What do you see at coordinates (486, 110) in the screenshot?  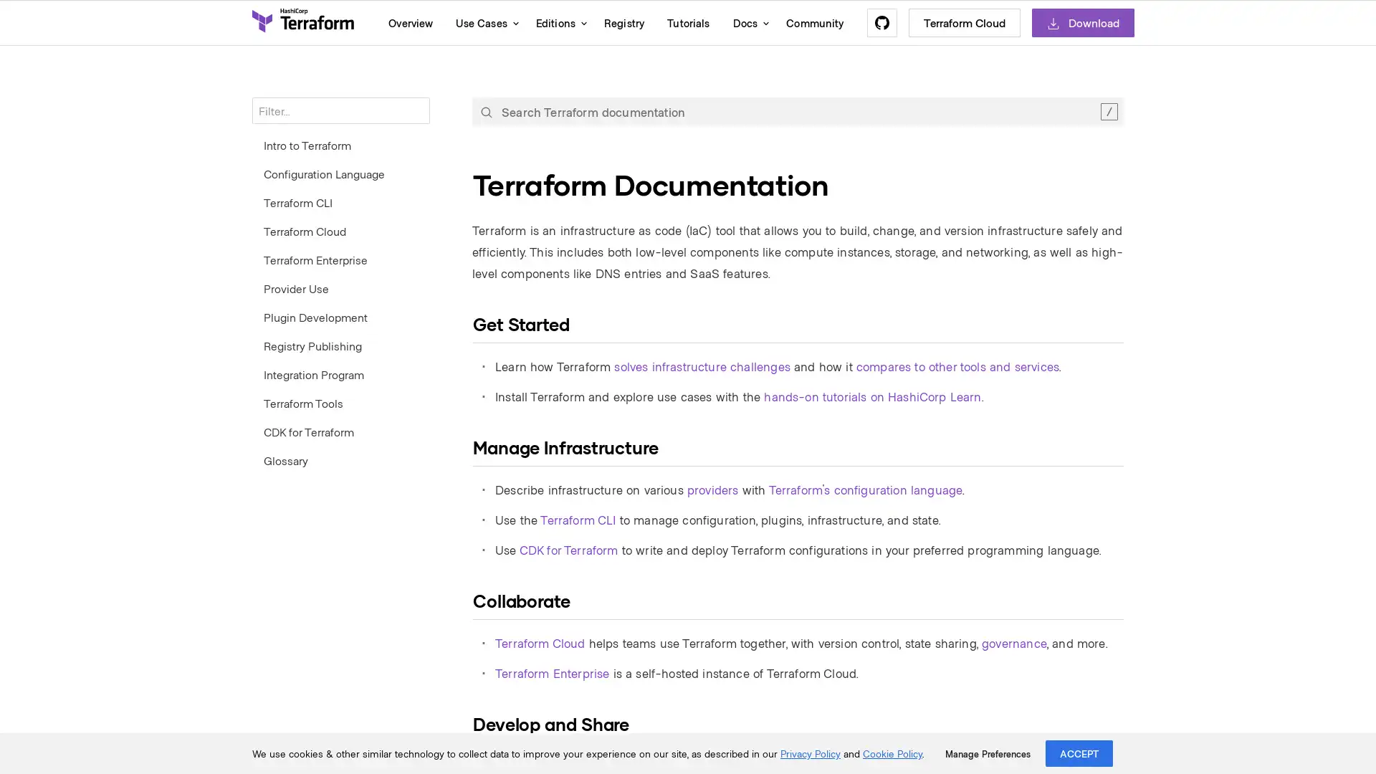 I see `Submit your search query.` at bounding box center [486, 110].